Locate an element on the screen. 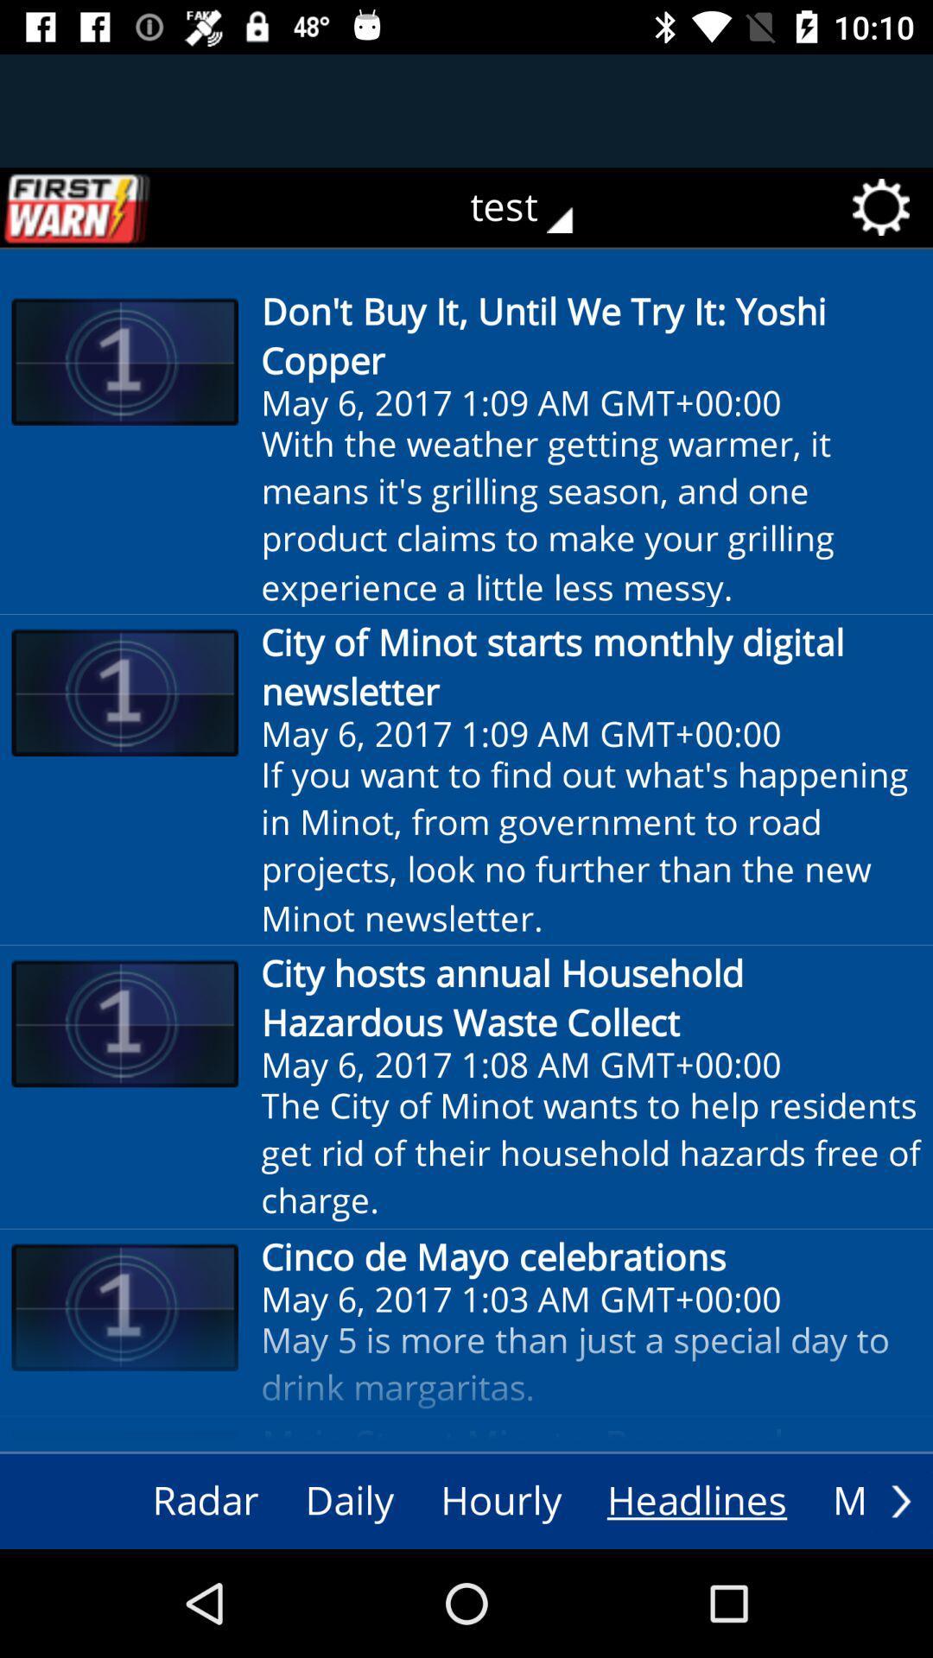 The image size is (933, 1658). the arrow_forward icon is located at coordinates (900, 1500).